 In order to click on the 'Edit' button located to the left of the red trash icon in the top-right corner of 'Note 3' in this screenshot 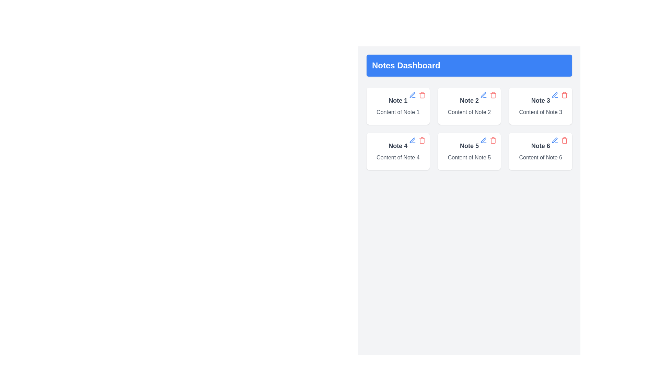, I will do `click(555, 95)`.